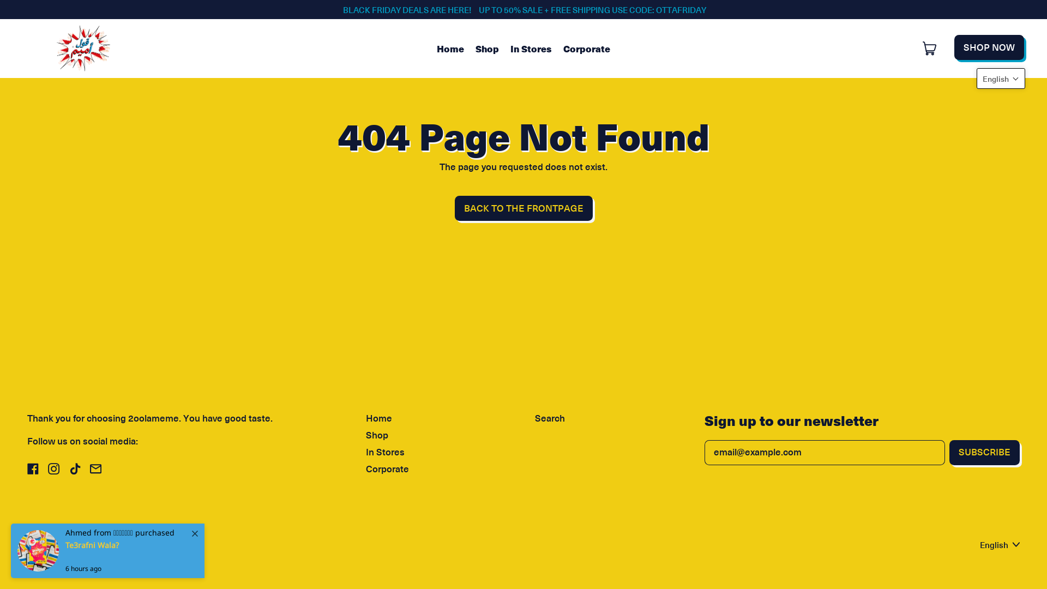  Describe the element at coordinates (984, 452) in the screenshot. I see `'SUBSCRIBE'` at that location.